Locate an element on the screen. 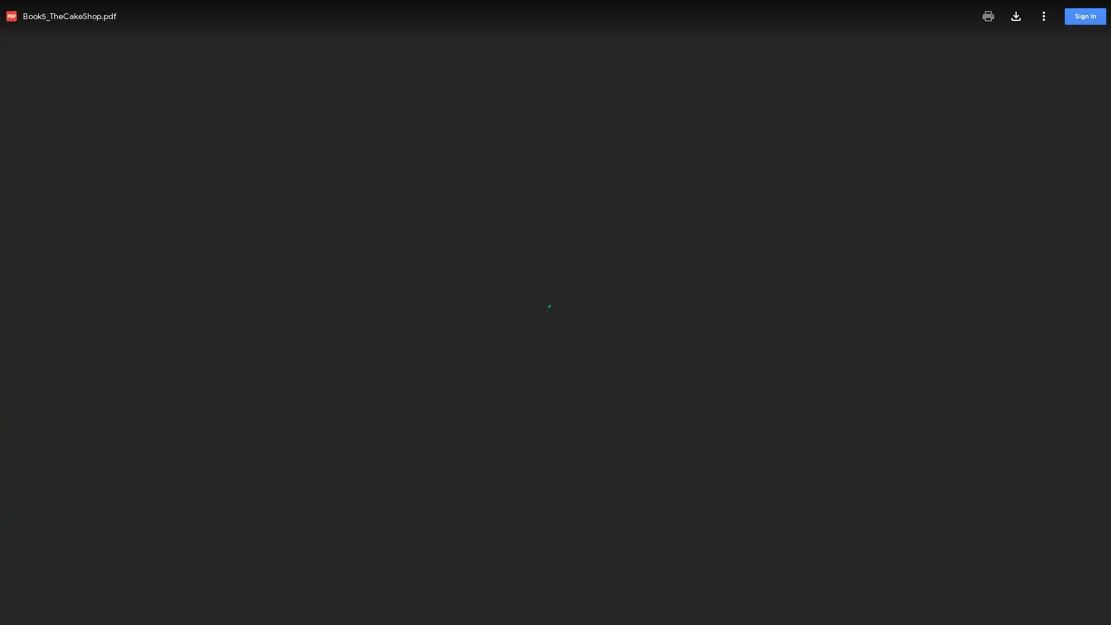  Download is located at coordinates (1016, 16).